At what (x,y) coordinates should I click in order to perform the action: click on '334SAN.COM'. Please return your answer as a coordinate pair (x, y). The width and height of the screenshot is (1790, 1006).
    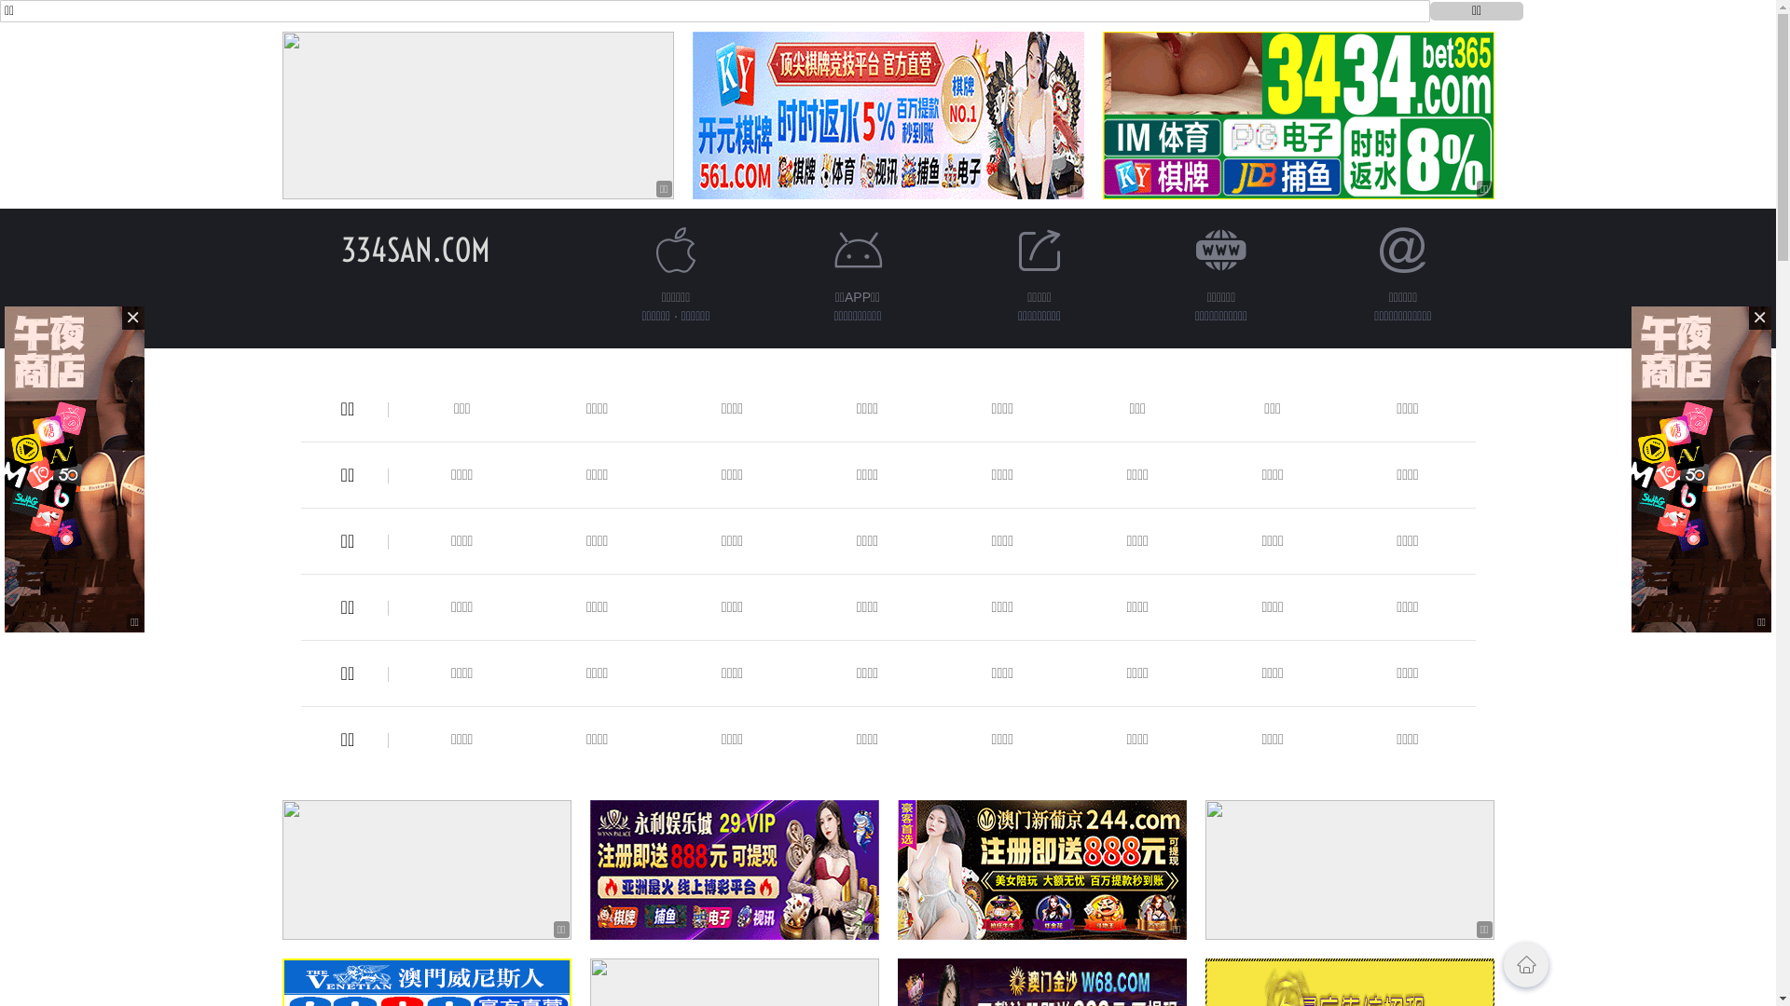
    Looking at the image, I should click on (340, 249).